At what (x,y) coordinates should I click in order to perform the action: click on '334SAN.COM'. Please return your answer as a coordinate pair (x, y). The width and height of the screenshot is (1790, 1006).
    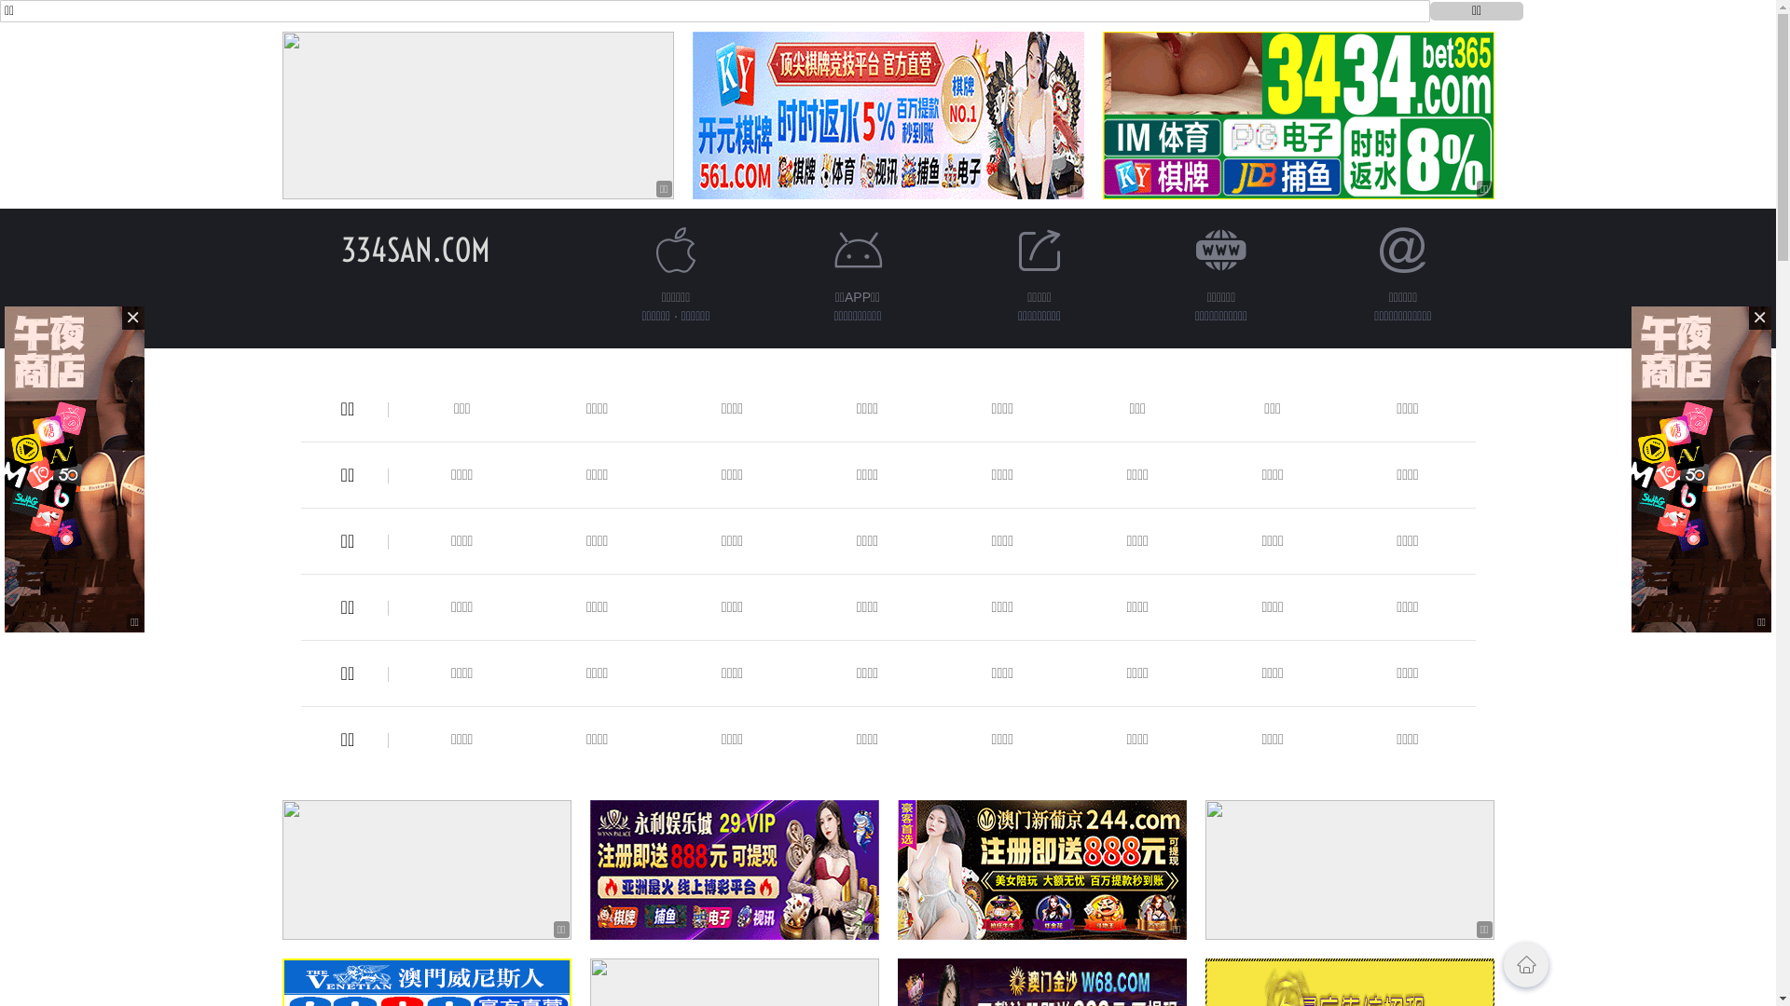
    Looking at the image, I should click on (340, 249).